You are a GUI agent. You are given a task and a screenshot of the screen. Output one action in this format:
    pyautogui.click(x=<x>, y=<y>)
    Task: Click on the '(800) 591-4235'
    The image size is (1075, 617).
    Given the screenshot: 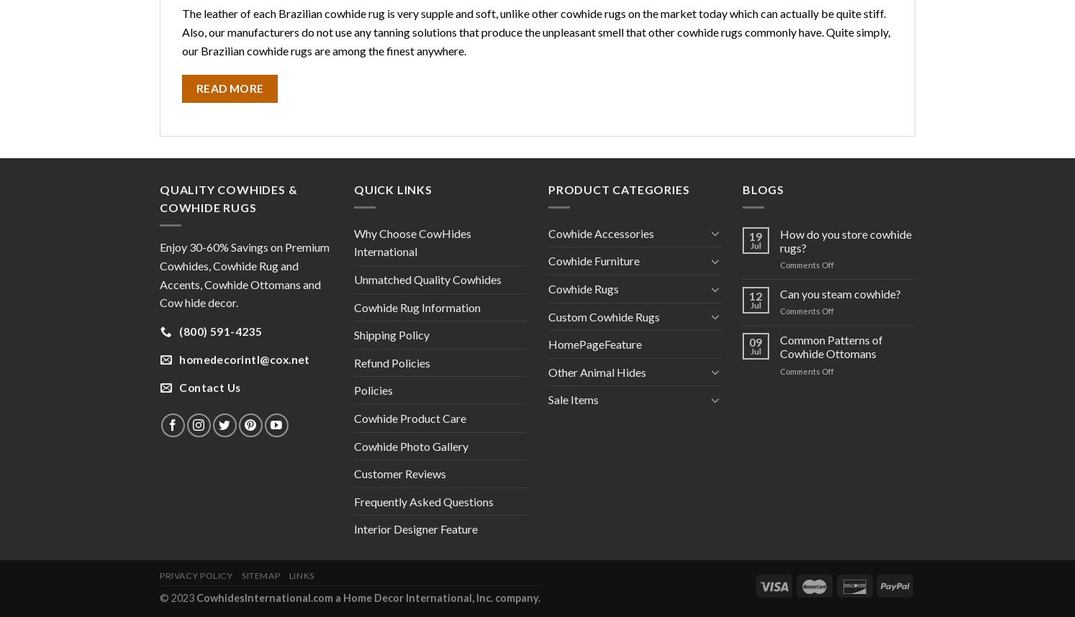 What is the action you would take?
    pyautogui.click(x=219, y=330)
    